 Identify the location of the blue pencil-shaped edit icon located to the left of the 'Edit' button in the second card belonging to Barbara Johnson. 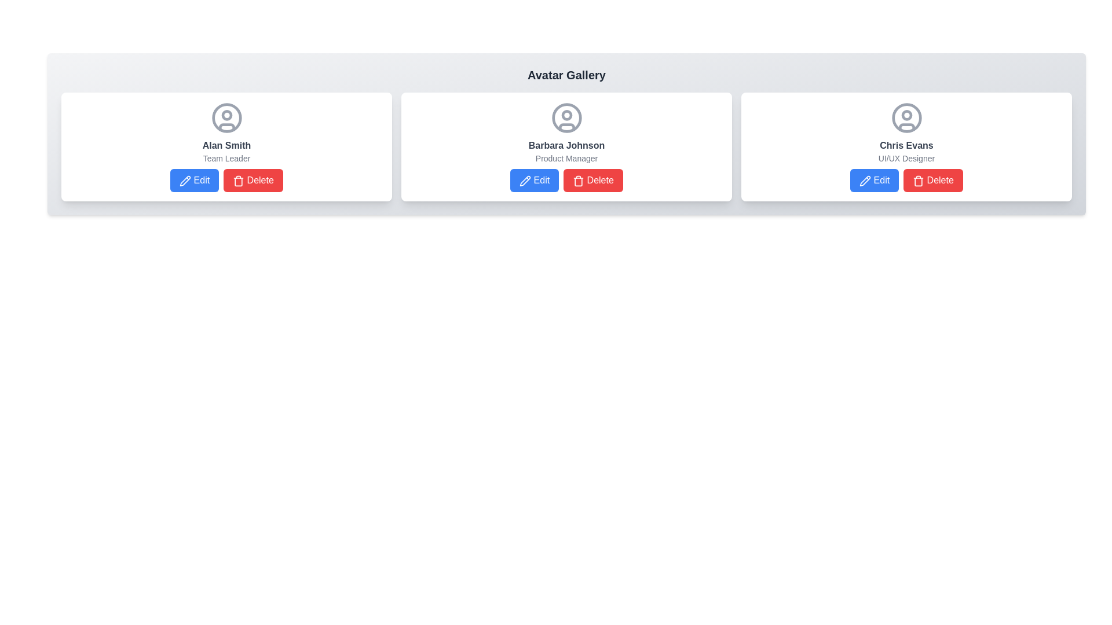
(525, 181).